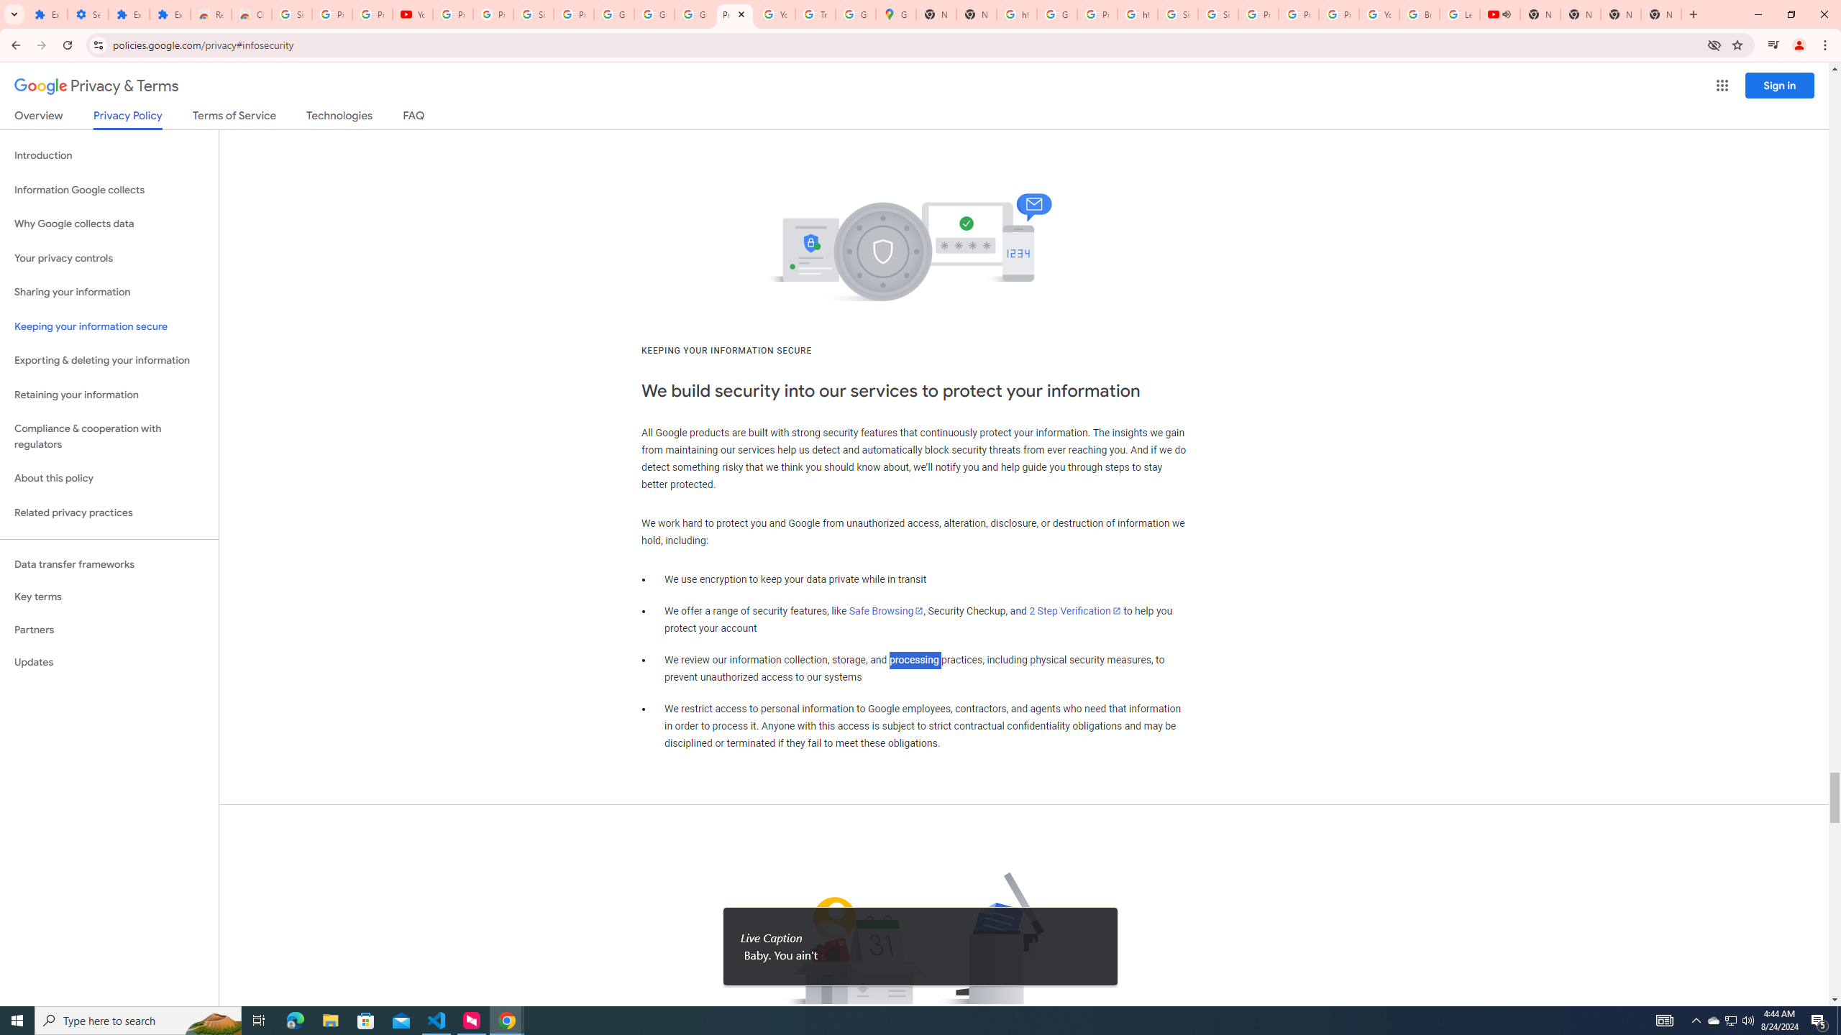 This screenshot has height=1035, width=1841. Describe the element at coordinates (129, 14) in the screenshot. I see `'Extensions'` at that location.